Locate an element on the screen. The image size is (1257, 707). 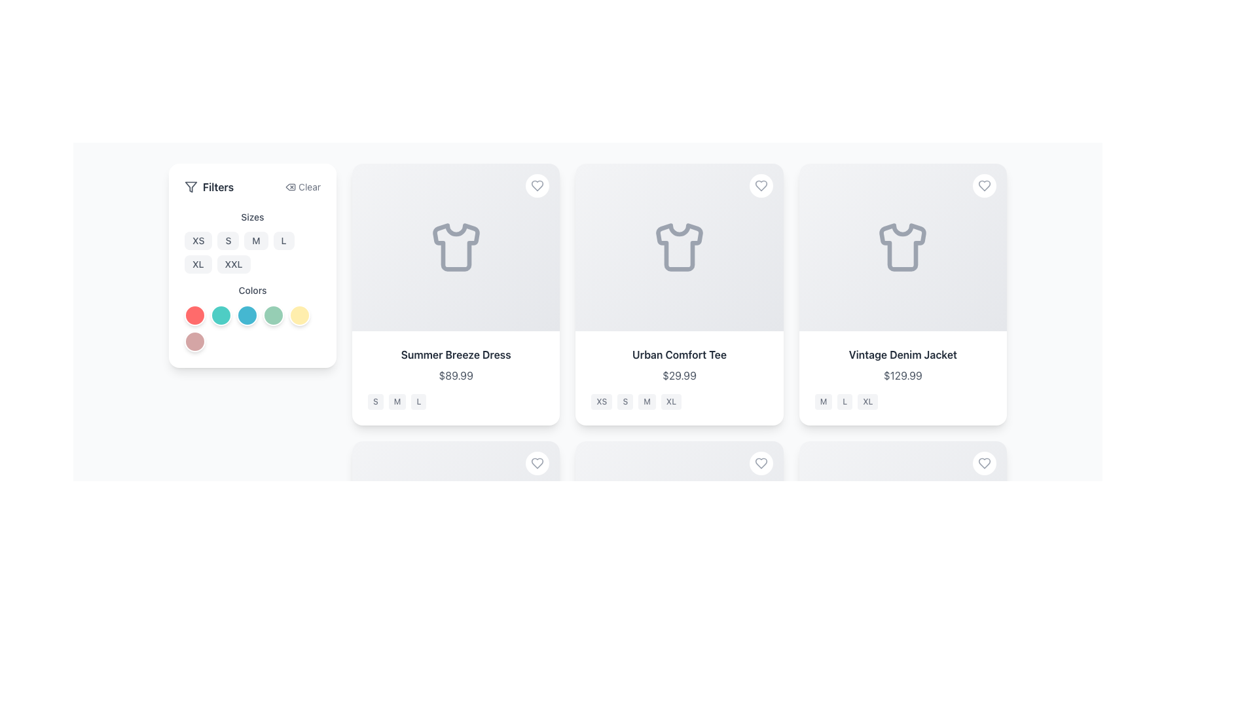
the filter icon represented by a funnel-like shape, located in the 'Filters' section of the sidebar to the left of the 'Filters' text is located at coordinates (191, 187).